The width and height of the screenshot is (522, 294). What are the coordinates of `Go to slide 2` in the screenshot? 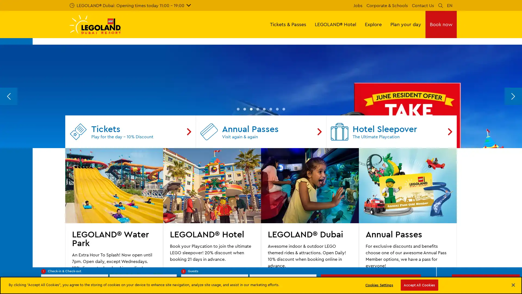 It's located at (244, 217).